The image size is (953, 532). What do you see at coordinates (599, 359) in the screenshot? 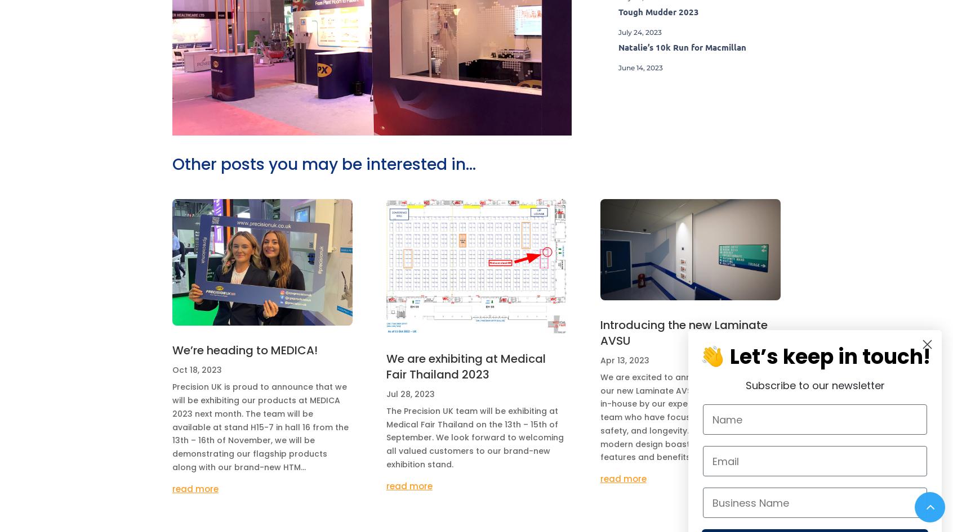
I see `'Apr 13, 2023'` at bounding box center [599, 359].